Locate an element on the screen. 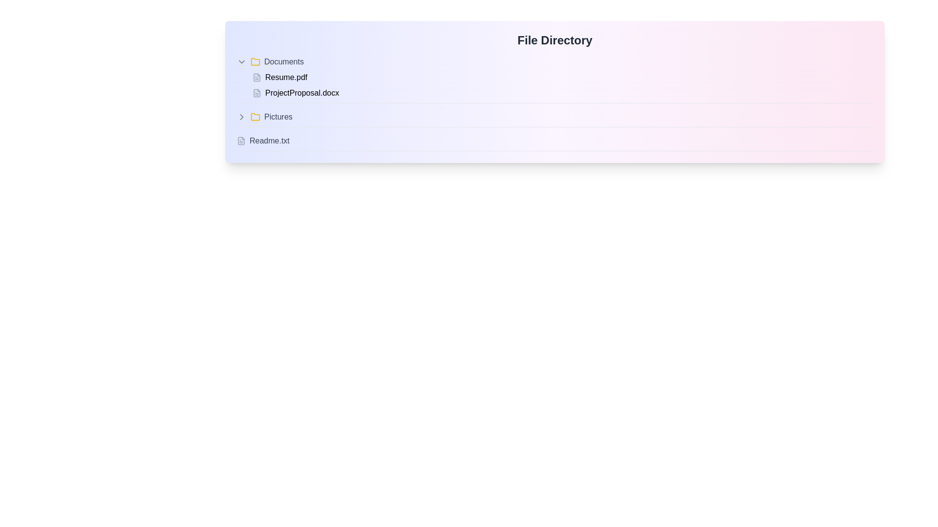  the expandable button to the left of the 'Pictures' folder name in the 'File Directory' interface is located at coordinates (241, 116).